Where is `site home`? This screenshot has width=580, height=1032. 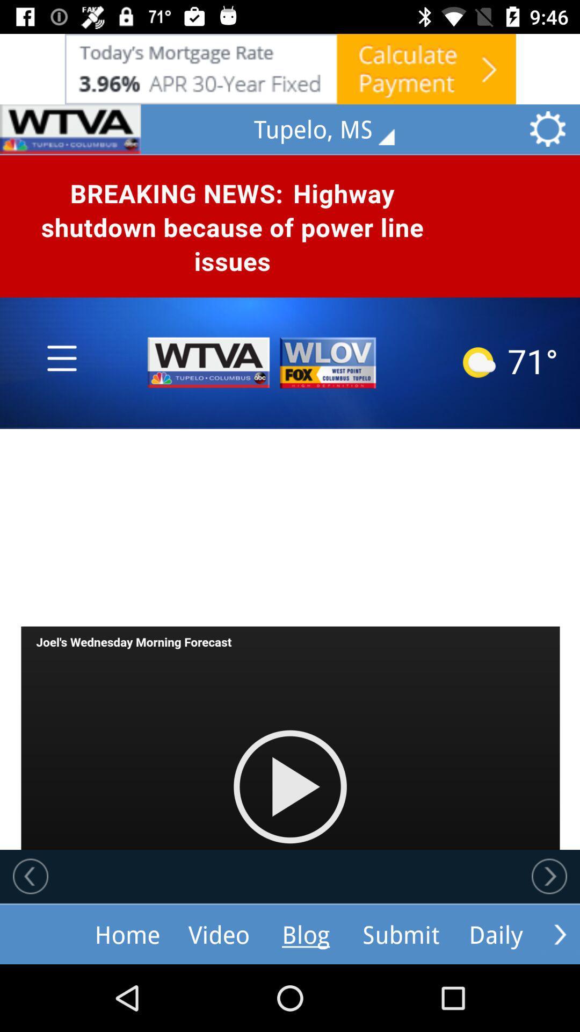
site home is located at coordinates (70, 129).